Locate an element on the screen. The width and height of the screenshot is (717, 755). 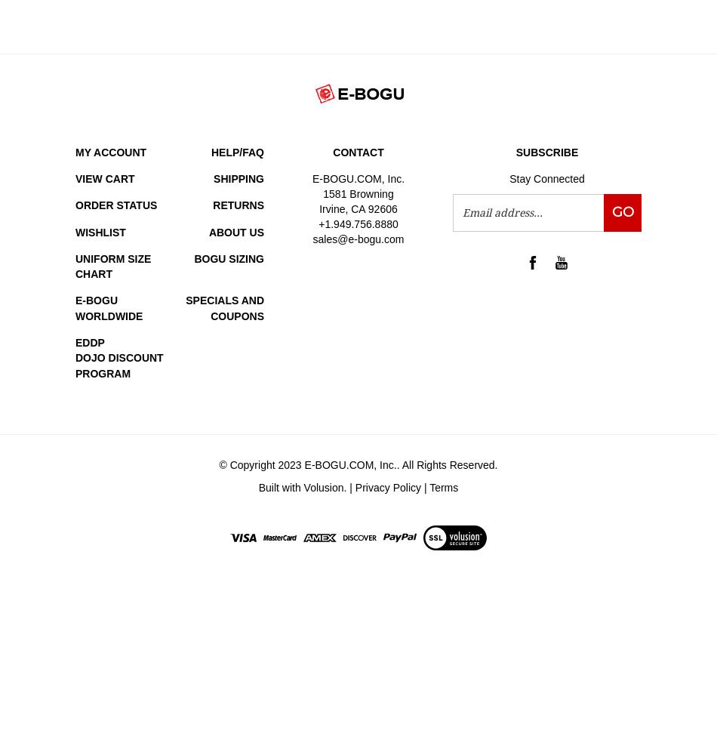
'View Cart' is located at coordinates (104, 177).